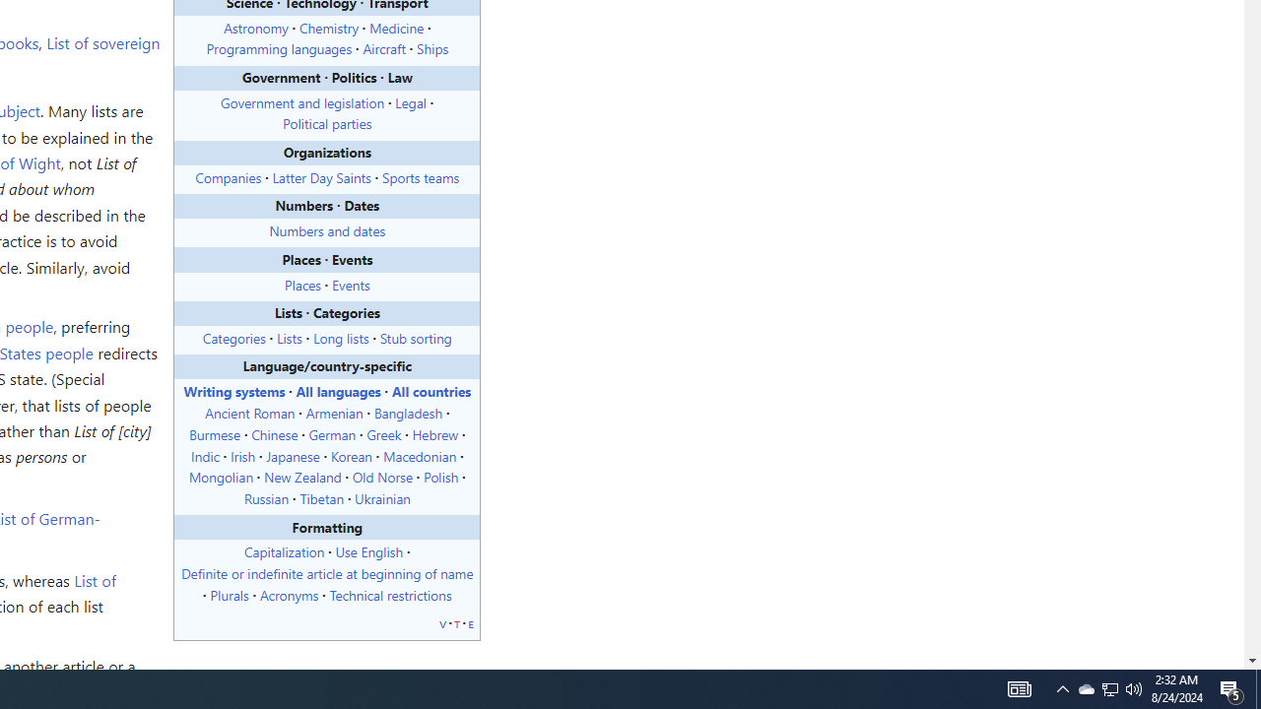 This screenshot has width=1261, height=709. Describe the element at coordinates (433, 432) in the screenshot. I see `'Hebrew'` at that location.